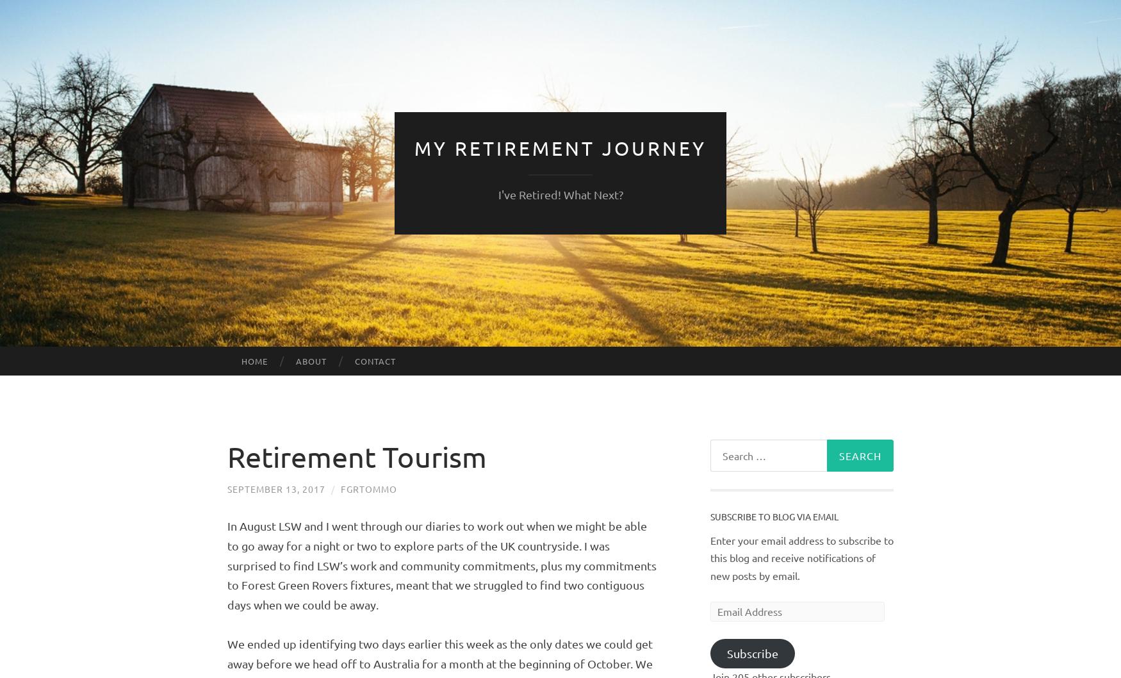 The height and width of the screenshot is (678, 1121). What do you see at coordinates (560, 194) in the screenshot?
I see `'I've Retired! What Next?'` at bounding box center [560, 194].